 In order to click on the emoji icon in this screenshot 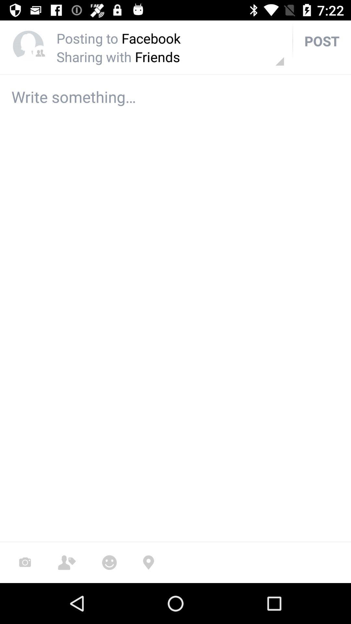, I will do `click(109, 562)`.